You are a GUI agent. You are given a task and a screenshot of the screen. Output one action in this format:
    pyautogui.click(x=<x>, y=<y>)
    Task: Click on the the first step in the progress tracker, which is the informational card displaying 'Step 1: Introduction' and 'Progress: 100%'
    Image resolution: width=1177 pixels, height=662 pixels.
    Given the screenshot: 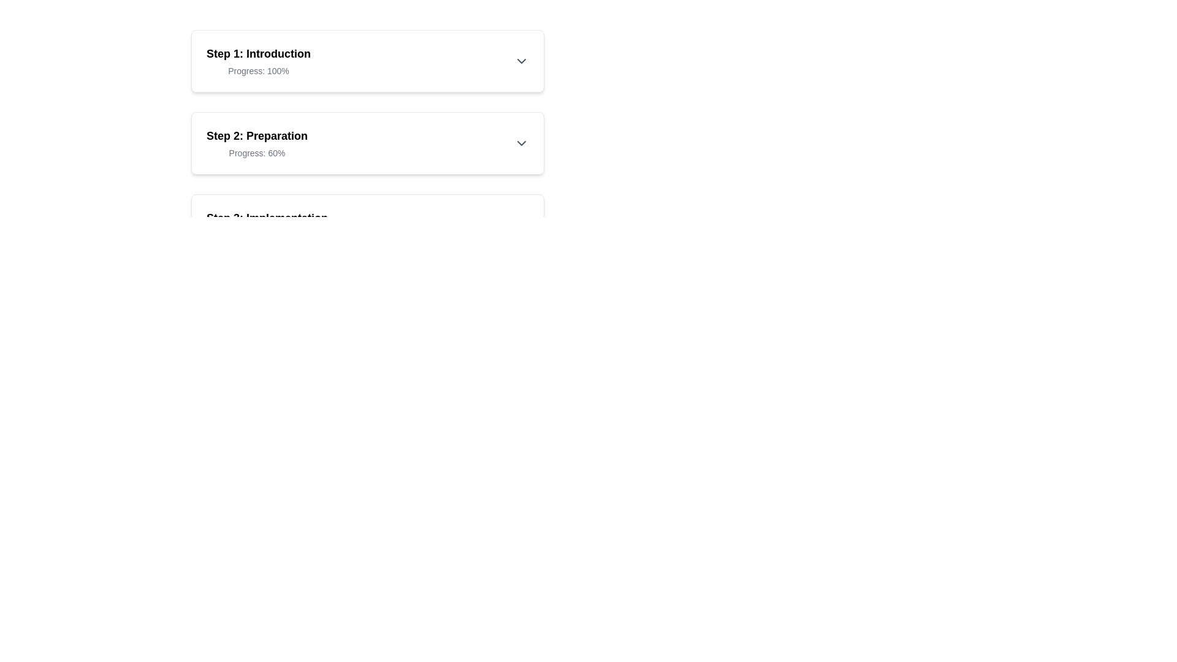 What is the action you would take?
    pyautogui.click(x=367, y=61)
    